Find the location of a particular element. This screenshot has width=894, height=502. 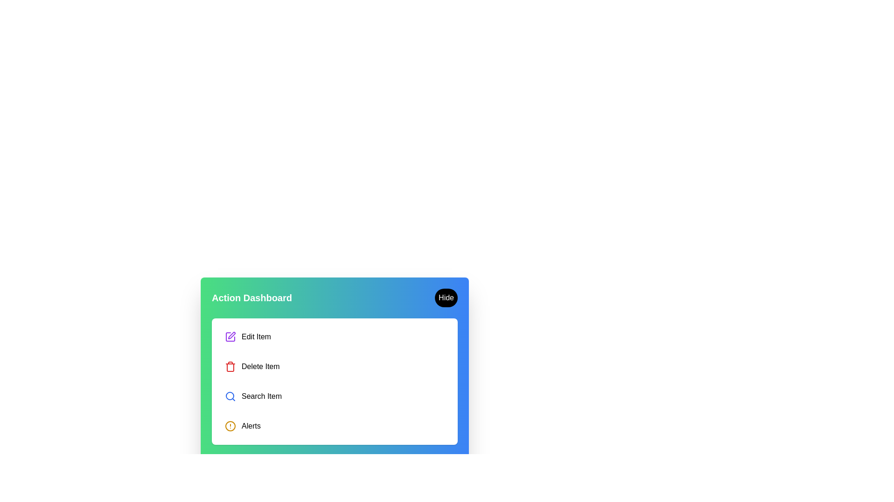

the 'Search Item' text label, which is styled in black font and positioned next to a magnifying glass icon in the Action Dashboard panel is located at coordinates (261, 396).